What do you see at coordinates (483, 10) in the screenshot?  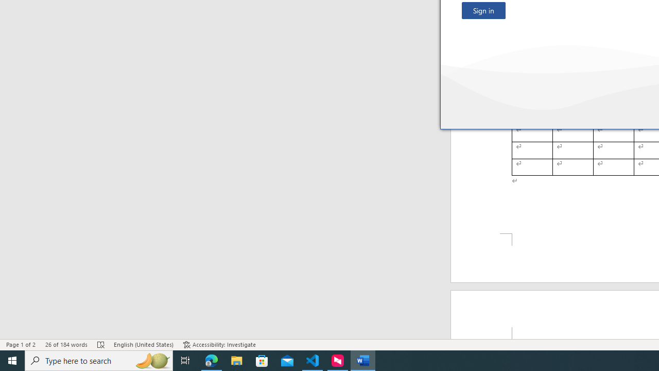 I see `'Sign in'` at bounding box center [483, 10].